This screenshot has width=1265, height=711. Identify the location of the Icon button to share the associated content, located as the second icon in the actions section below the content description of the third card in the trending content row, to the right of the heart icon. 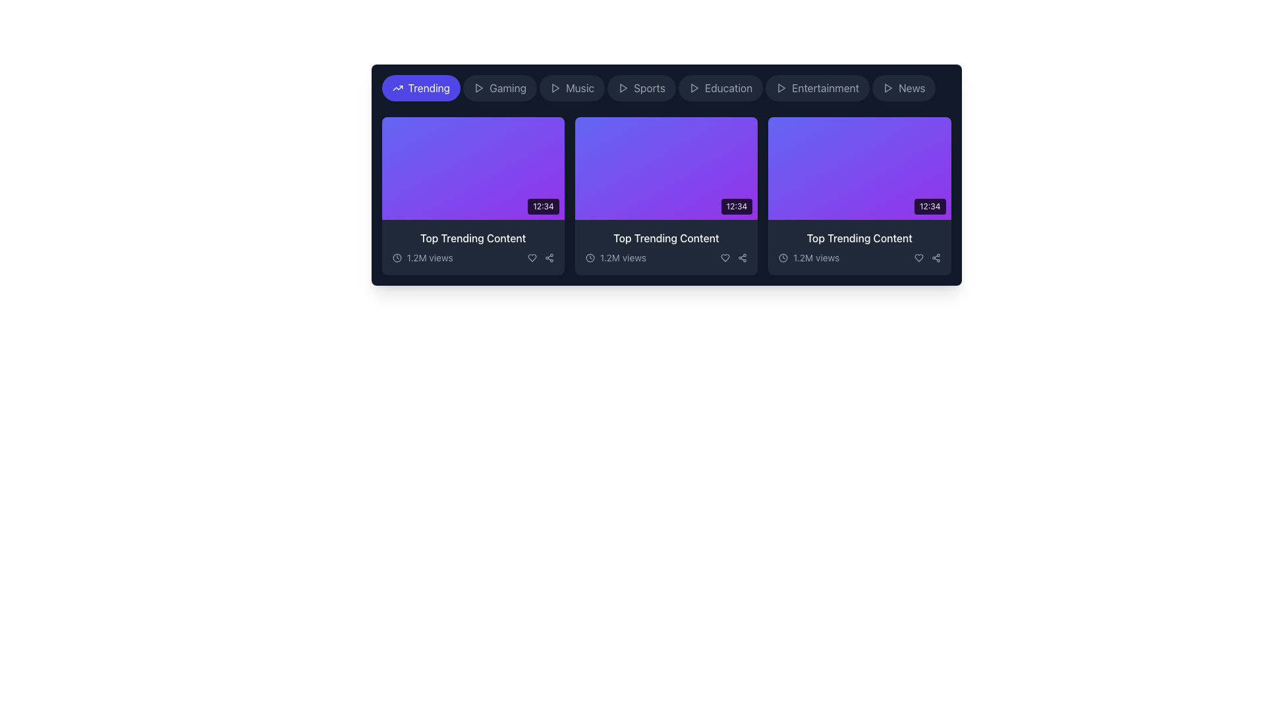
(549, 257).